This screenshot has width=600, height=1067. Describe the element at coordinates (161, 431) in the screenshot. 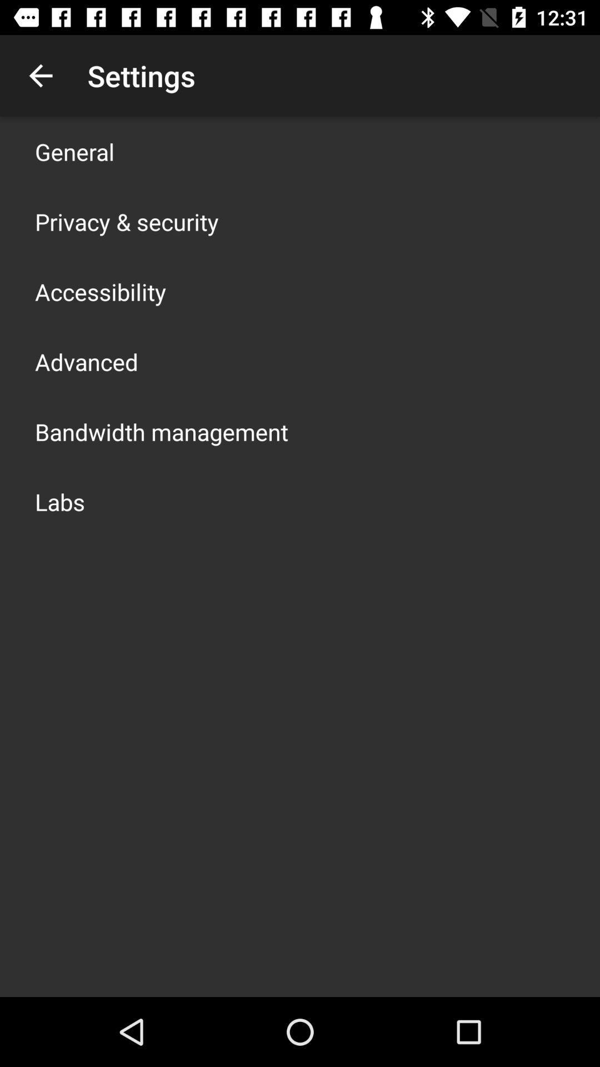

I see `the bandwidth management item` at that location.